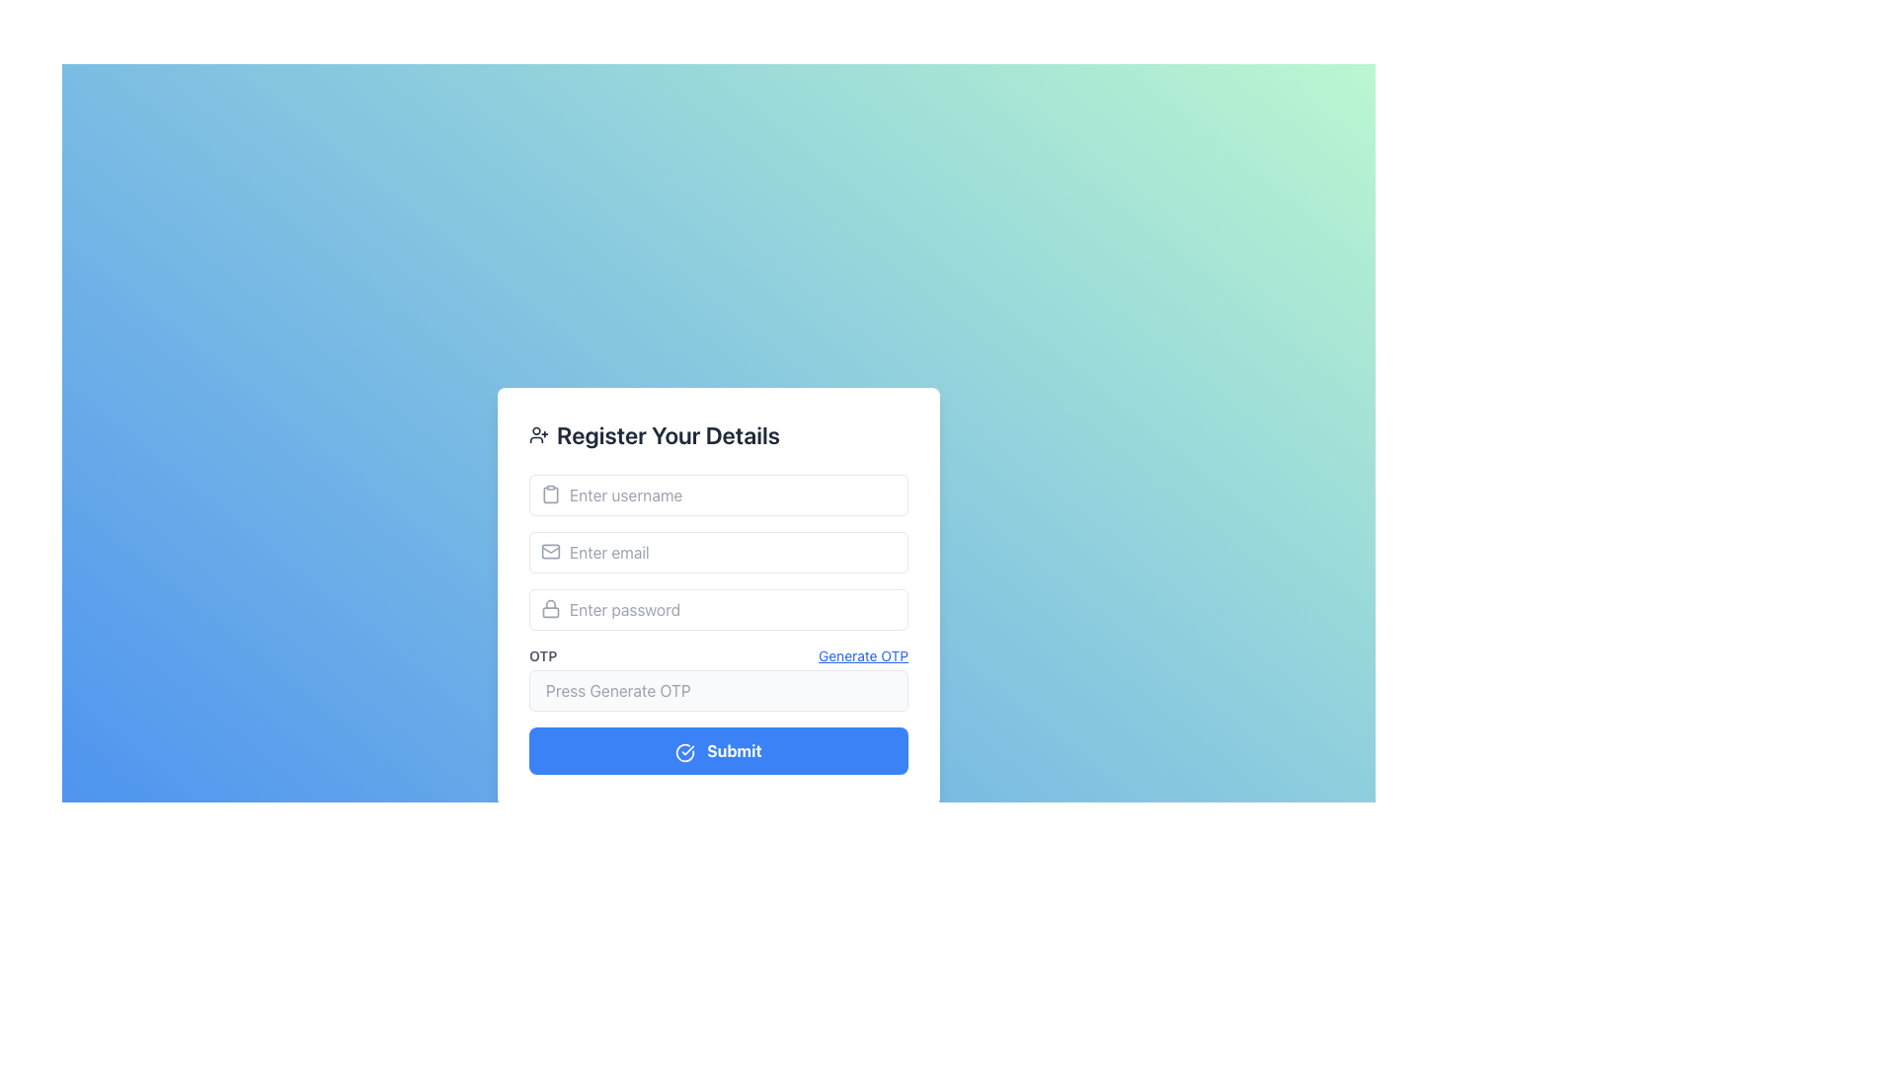  Describe the element at coordinates (550, 549) in the screenshot. I see `the thin, slanted line segment that is part of the mail envelope icon, located to the left of the 'Enter email' text field in the user registration section` at that location.